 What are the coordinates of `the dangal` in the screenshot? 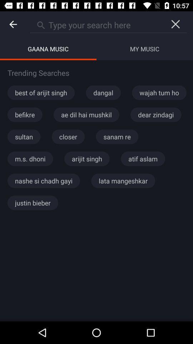 It's located at (103, 92).